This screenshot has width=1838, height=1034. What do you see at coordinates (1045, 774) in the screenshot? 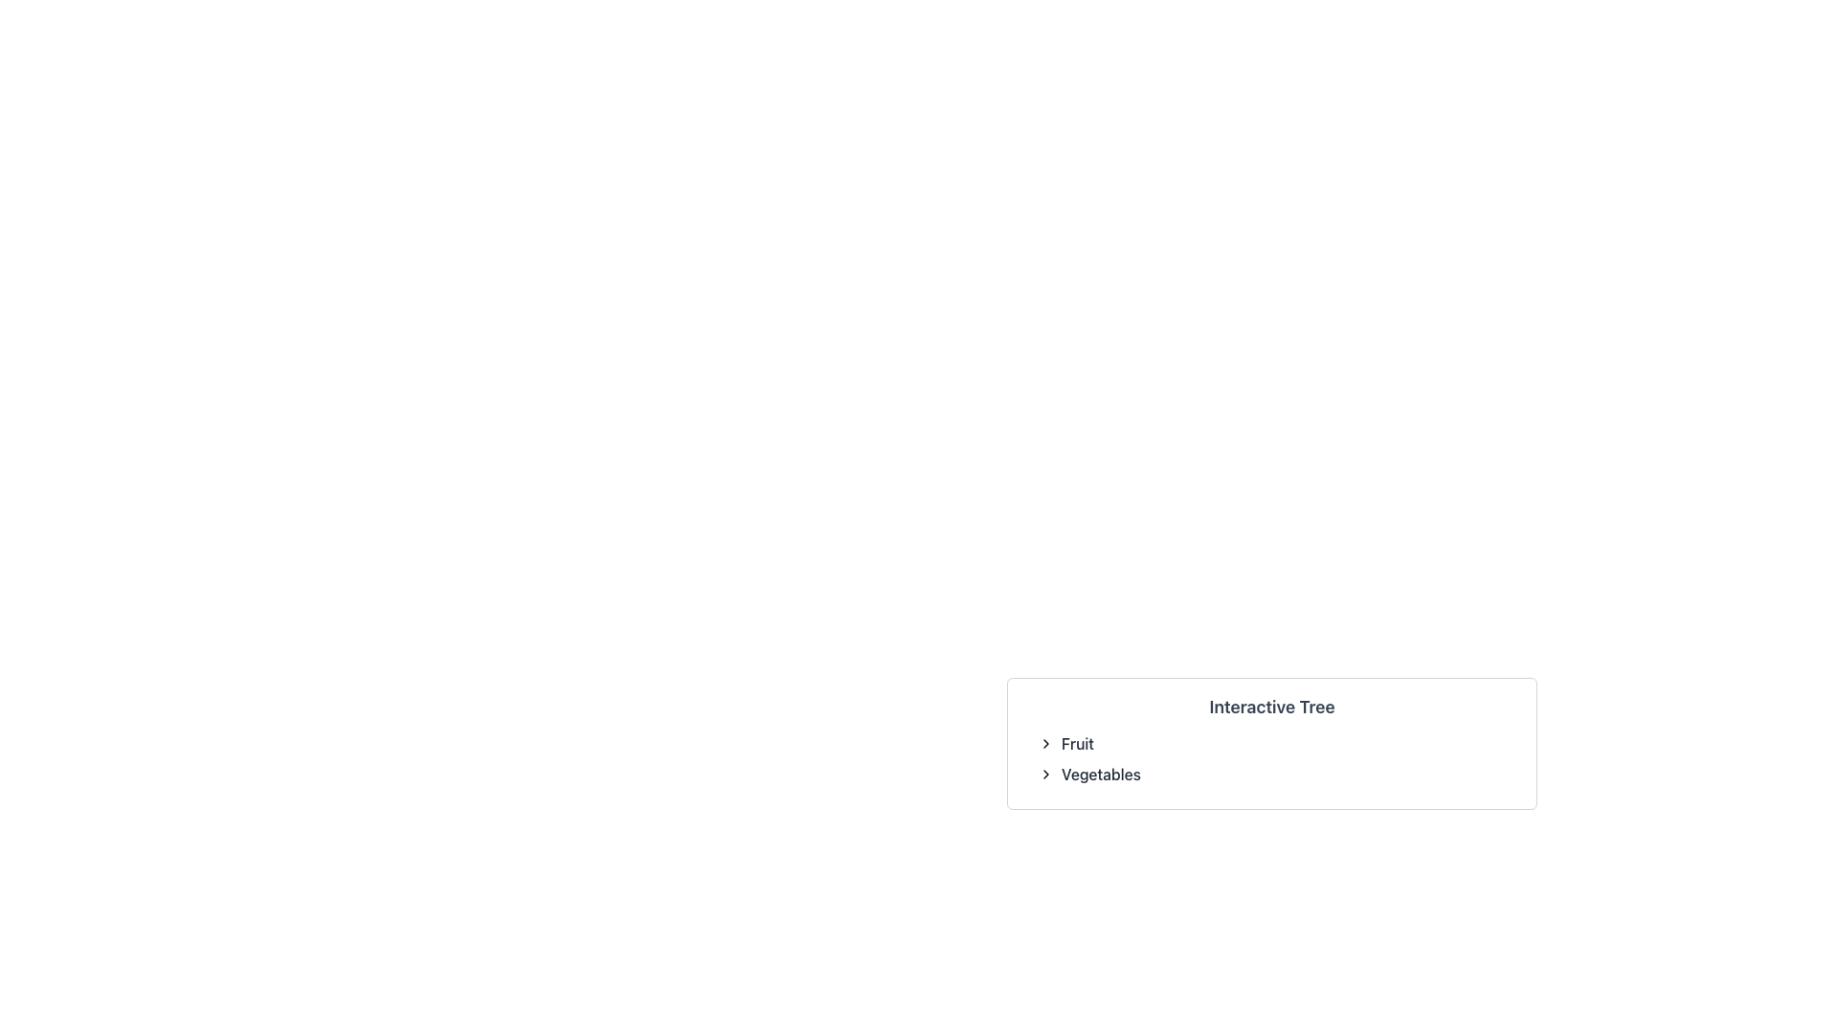
I see `the chevron icon that indicates the expandable/collapsible function for the 'Vegetables' section in the interactive tree menu` at bounding box center [1045, 774].